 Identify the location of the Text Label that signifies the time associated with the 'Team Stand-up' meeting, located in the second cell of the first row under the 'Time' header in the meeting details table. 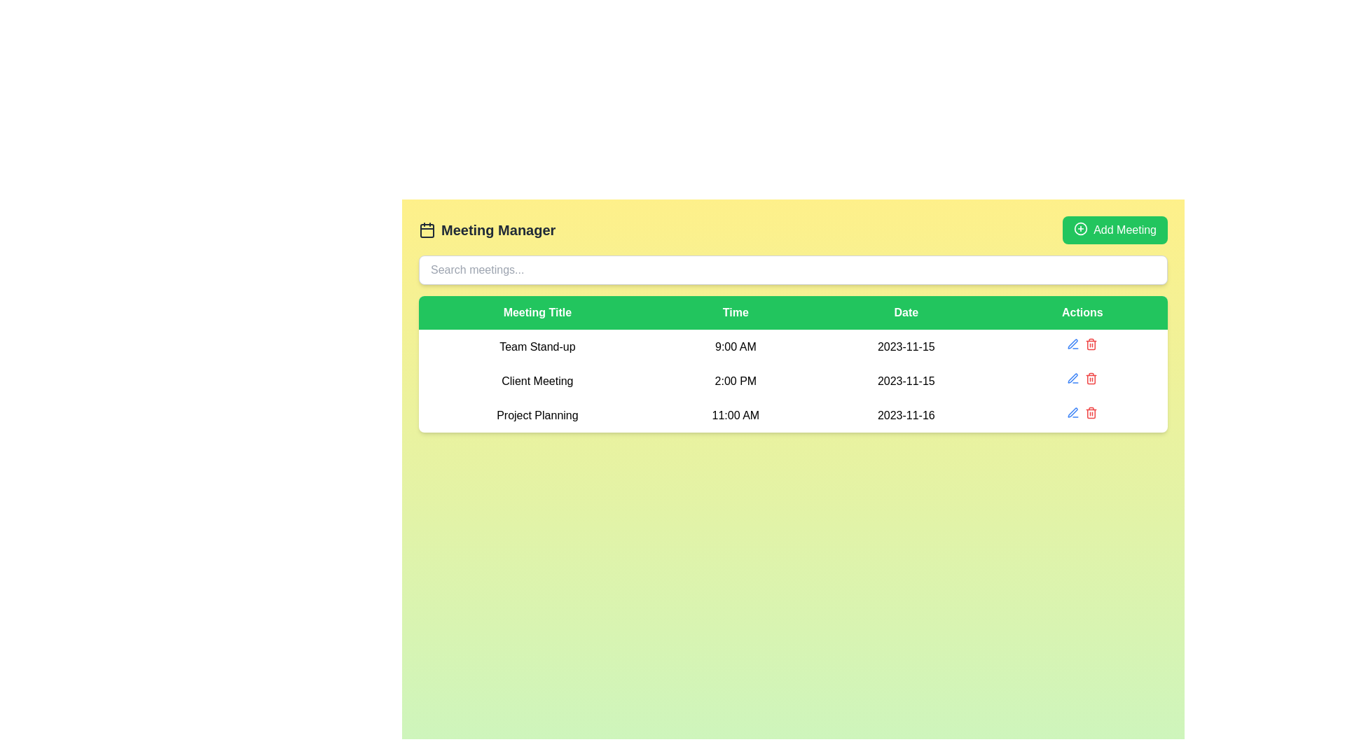
(735, 346).